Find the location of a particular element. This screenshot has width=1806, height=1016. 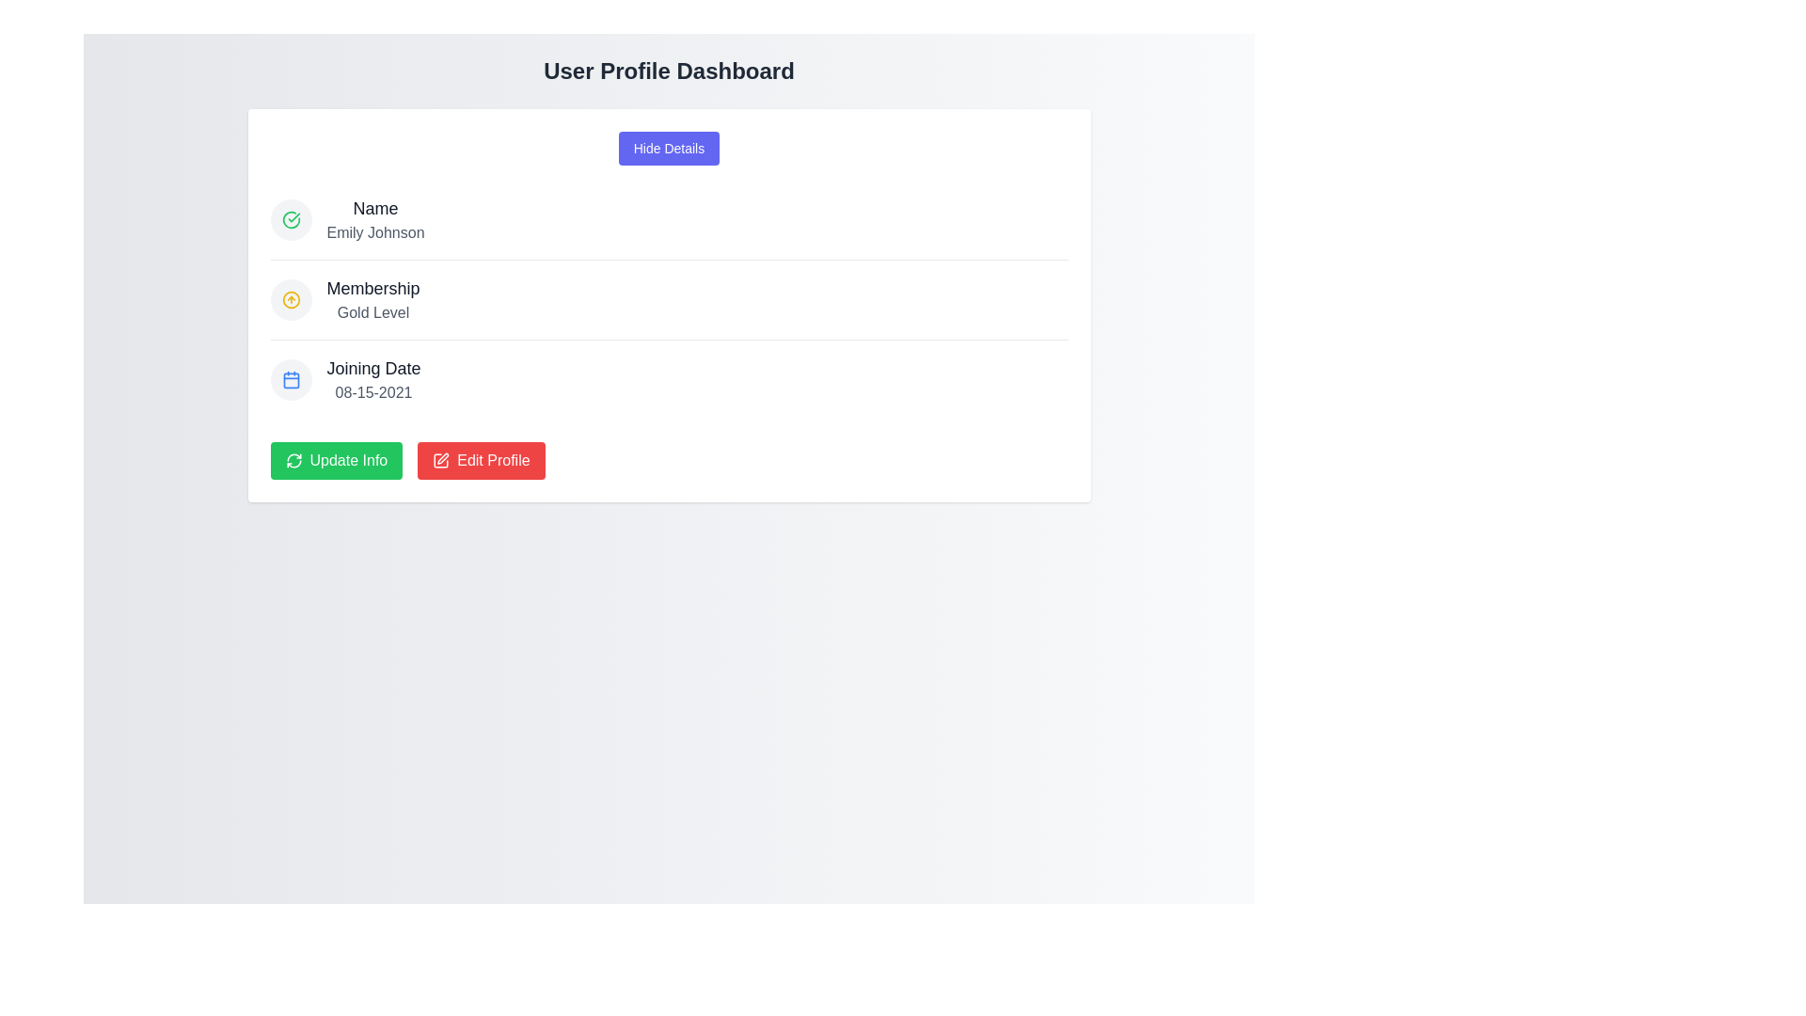

the static text label indicating the membership level associated with the profile, positioned directly below the 'Membership' text label is located at coordinates (373, 311).